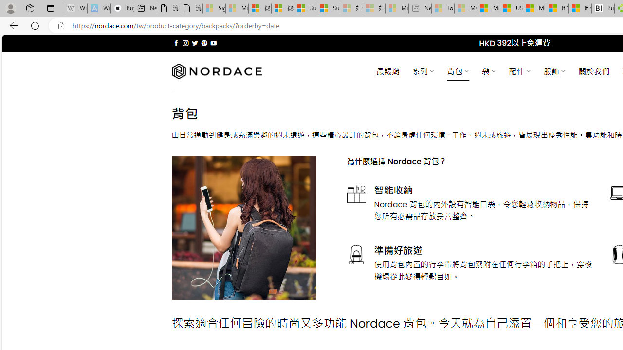 This screenshot has width=623, height=350. What do you see at coordinates (420, 8) in the screenshot?
I see `'New tab - Sleeping'` at bounding box center [420, 8].